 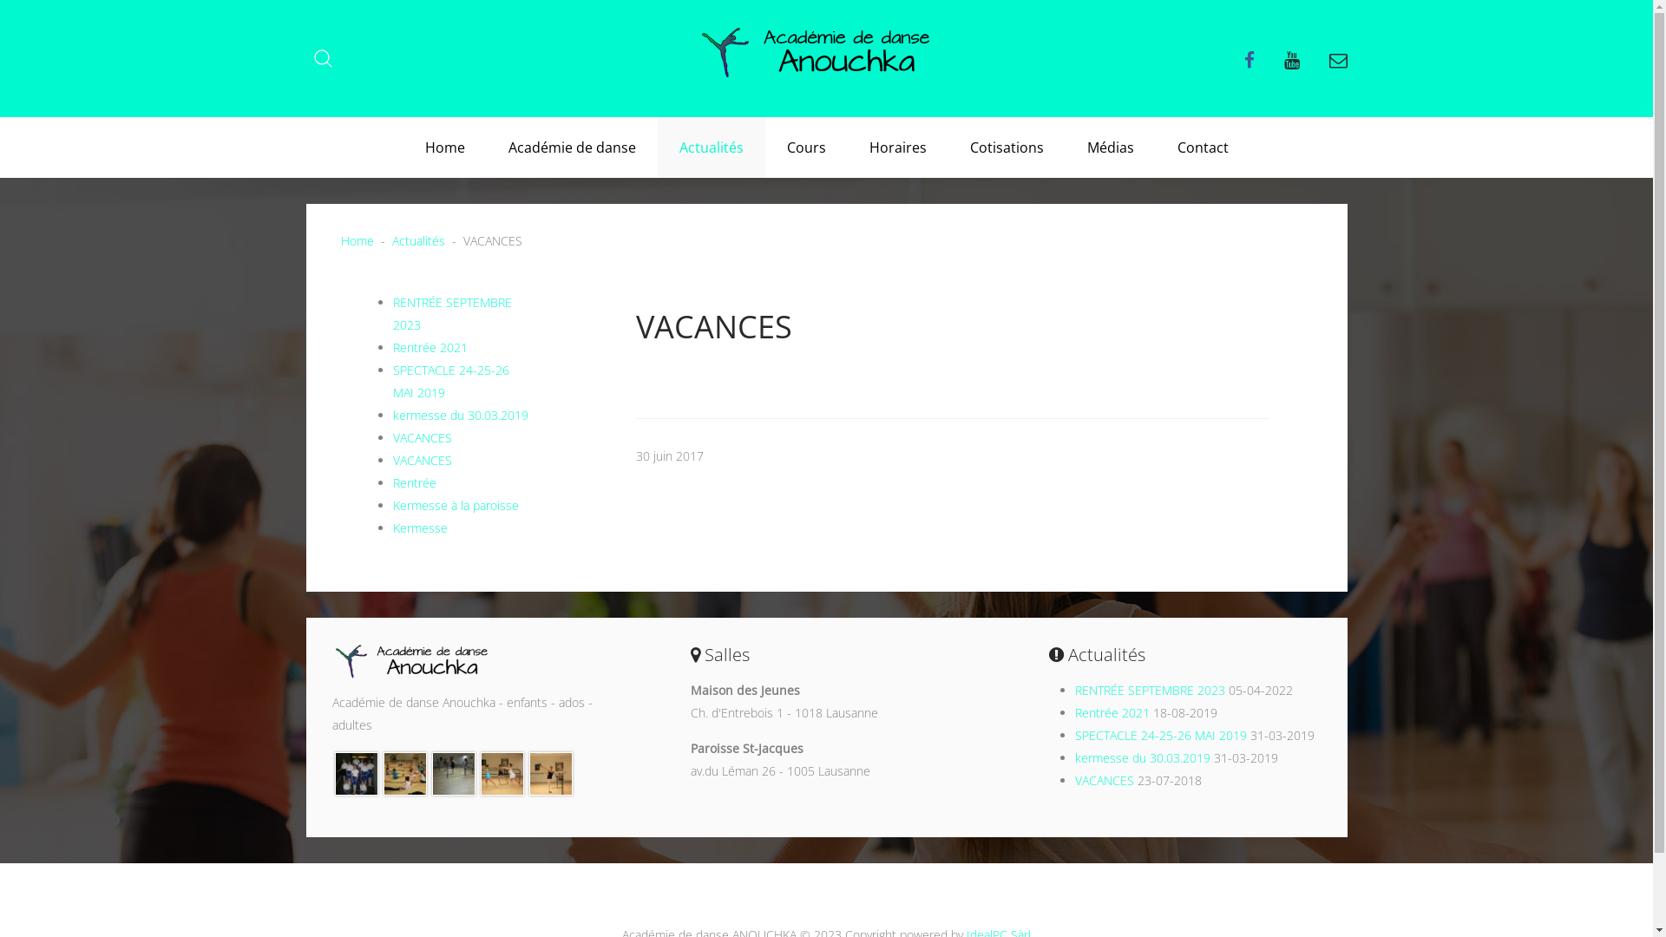 I want to click on 'VACANCES', so click(x=1073, y=779).